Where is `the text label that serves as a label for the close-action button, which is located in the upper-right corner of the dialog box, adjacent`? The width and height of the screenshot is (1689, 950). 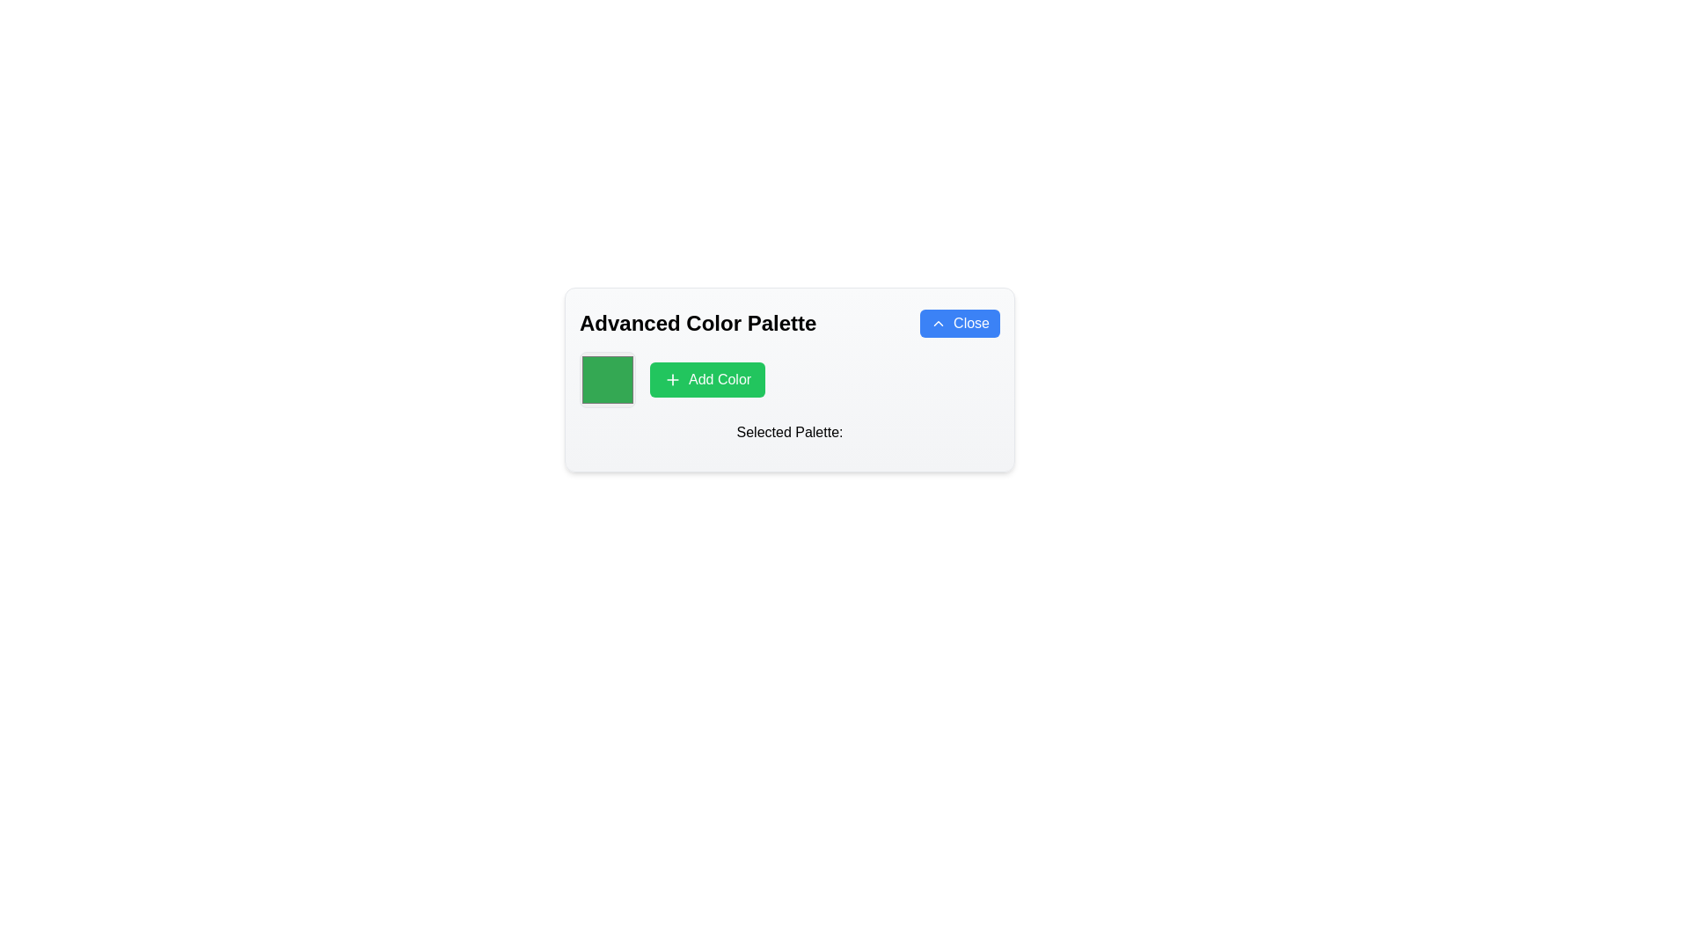
the text label that serves as a label for the close-action button, which is located in the upper-right corner of the dialog box, adjacent is located at coordinates (970, 323).